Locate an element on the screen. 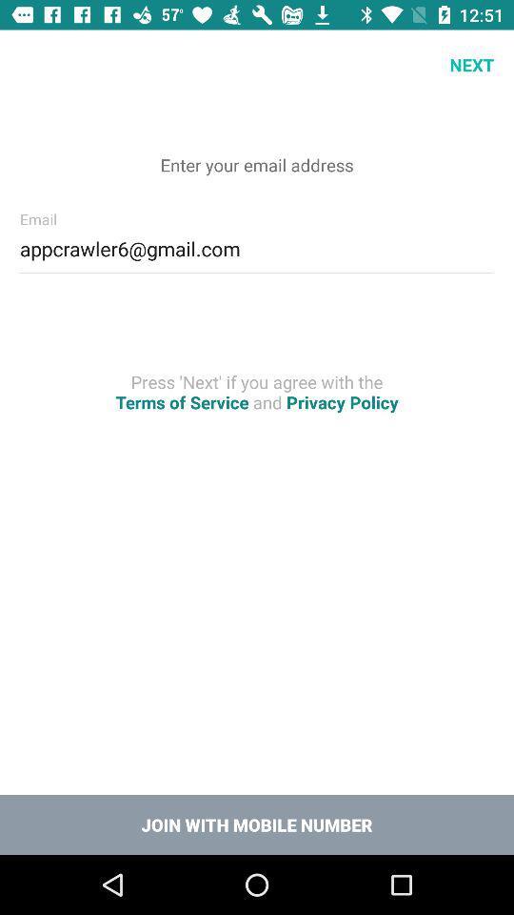  join with mobile icon is located at coordinates (257, 823).